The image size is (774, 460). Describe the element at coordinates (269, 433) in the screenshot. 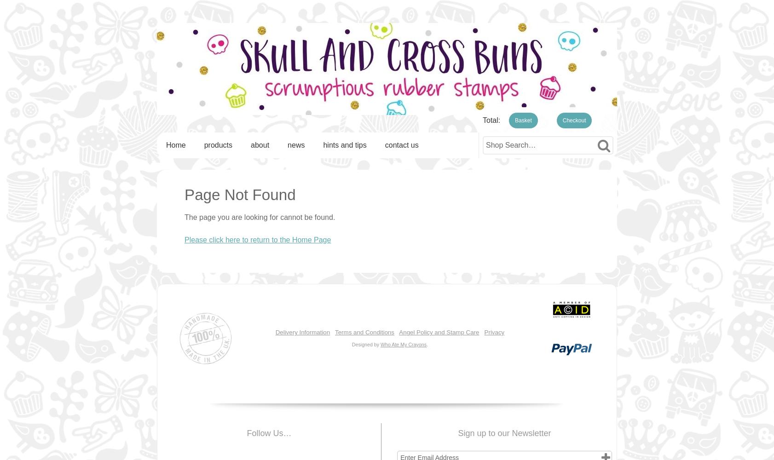

I see `'Follow Us…'` at that location.